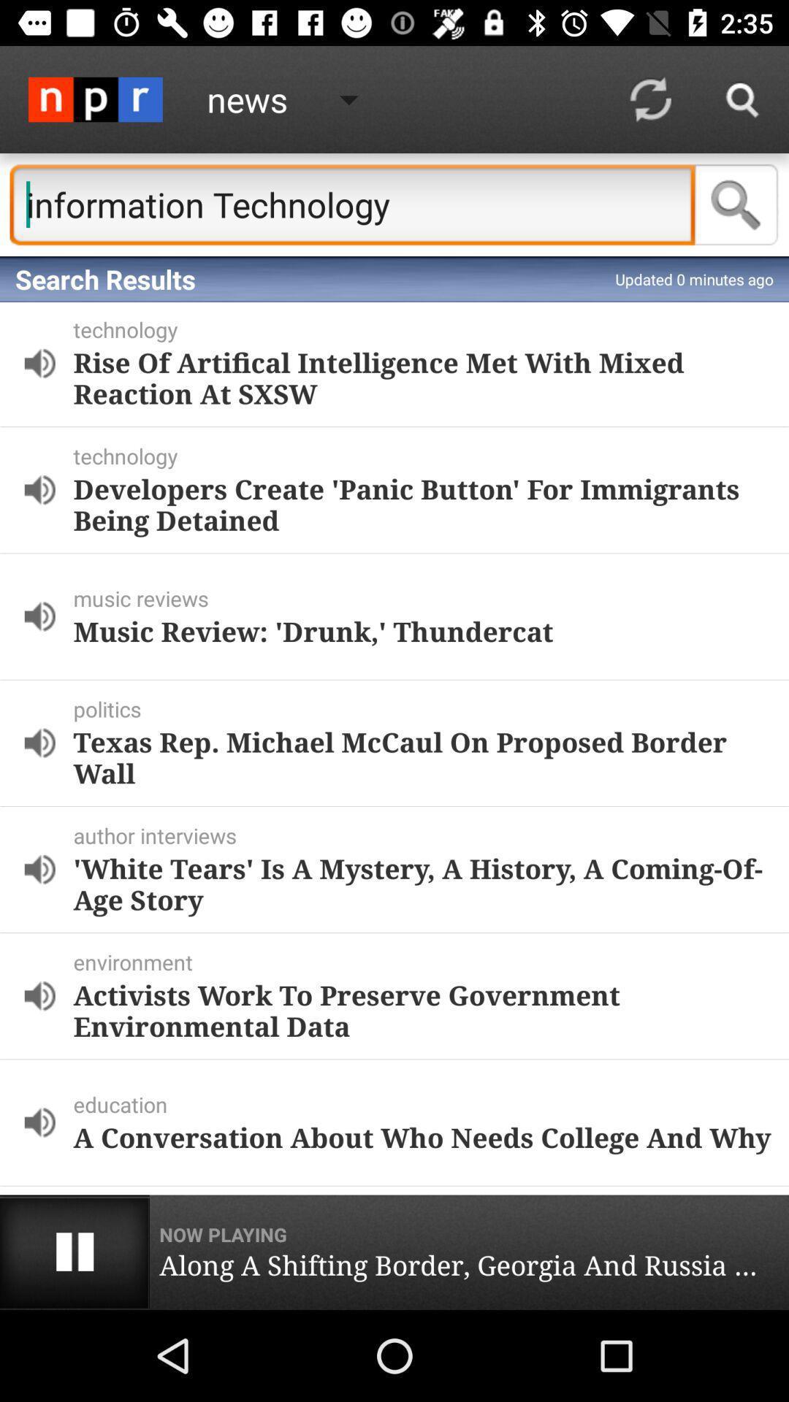 This screenshot has width=789, height=1402. I want to click on item below technology, so click(422, 378).